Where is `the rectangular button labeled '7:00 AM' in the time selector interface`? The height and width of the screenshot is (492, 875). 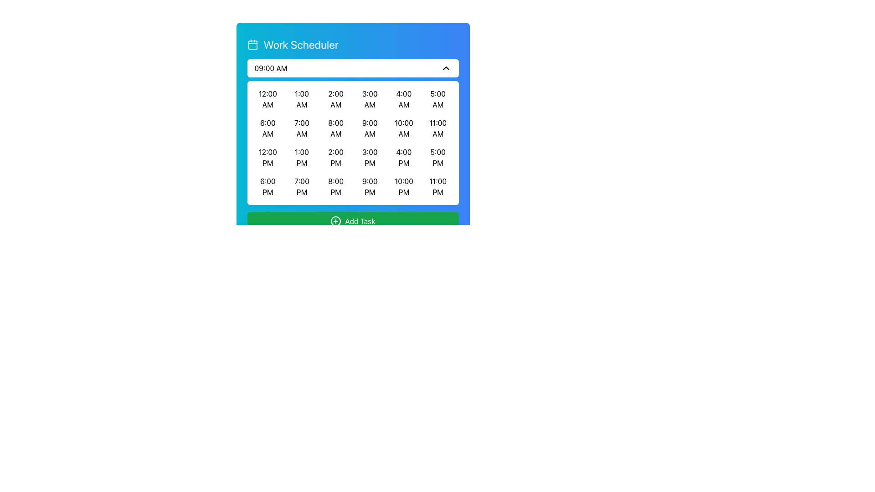
the rectangular button labeled '7:00 AM' in the time selector interface is located at coordinates (302, 128).